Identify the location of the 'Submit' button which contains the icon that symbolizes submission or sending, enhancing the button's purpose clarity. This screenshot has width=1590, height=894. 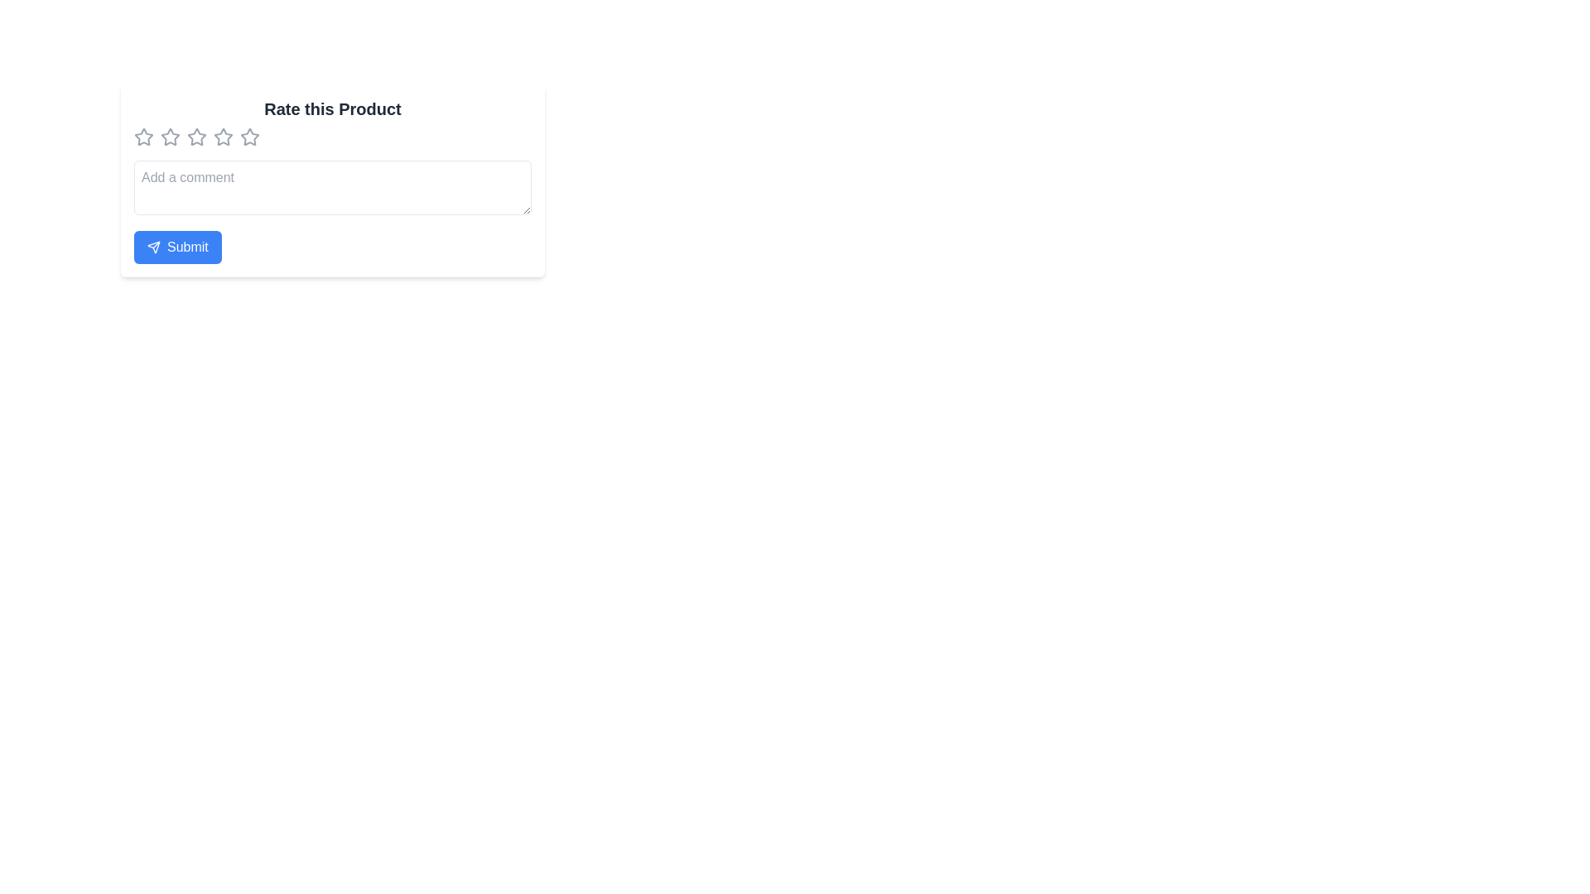
(154, 248).